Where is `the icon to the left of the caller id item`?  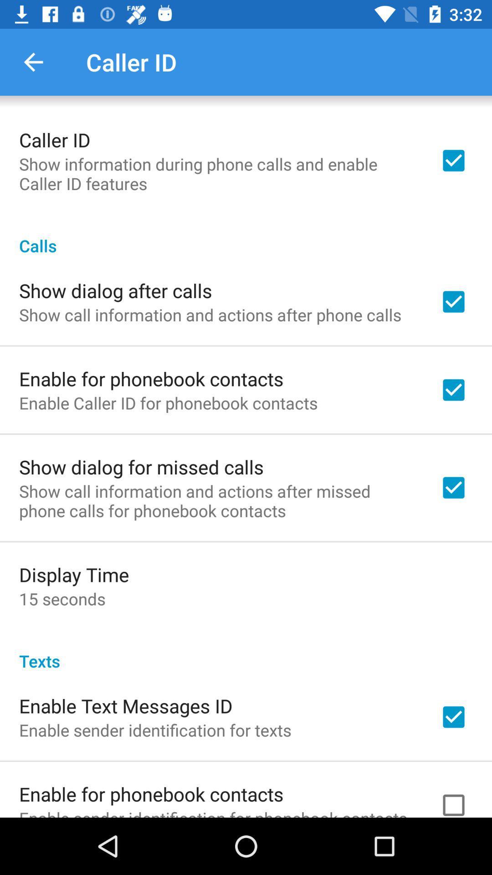 the icon to the left of the caller id item is located at coordinates (33, 62).